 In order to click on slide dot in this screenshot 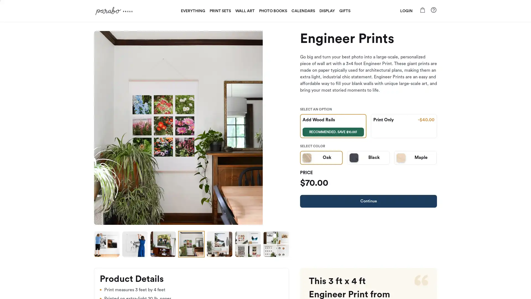, I will do `click(135, 244)`.